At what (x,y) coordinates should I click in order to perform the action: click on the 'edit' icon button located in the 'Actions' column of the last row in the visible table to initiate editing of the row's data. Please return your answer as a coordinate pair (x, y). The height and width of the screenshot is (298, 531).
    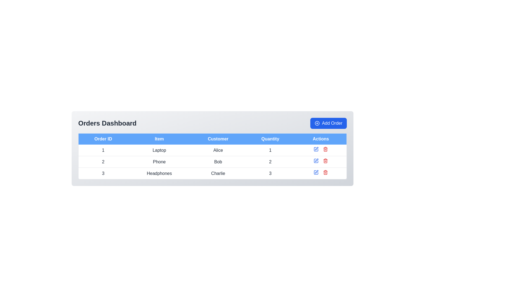
    Looking at the image, I should click on (316, 172).